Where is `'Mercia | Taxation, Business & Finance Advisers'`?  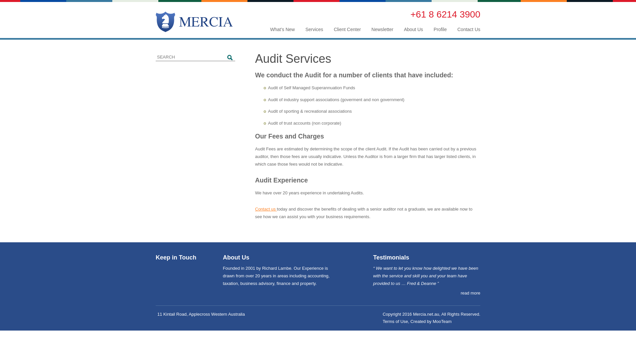
'Mercia | Taxation, Business & Finance Advisers' is located at coordinates (194, 21).